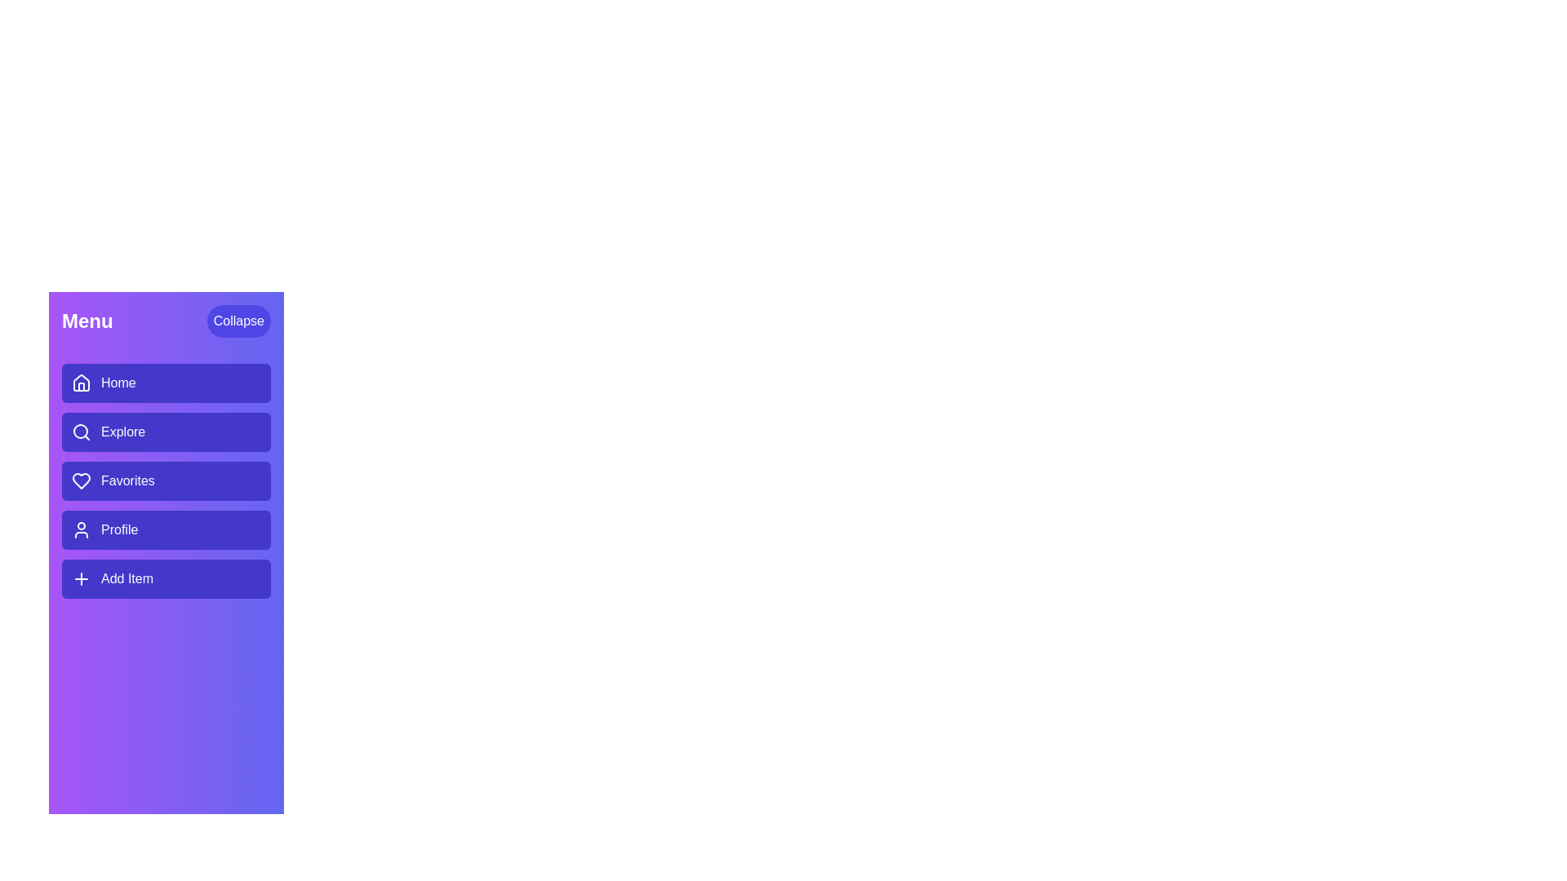  Describe the element at coordinates (166, 480) in the screenshot. I see `the menu item Favorites to navigate to its respective section` at that location.